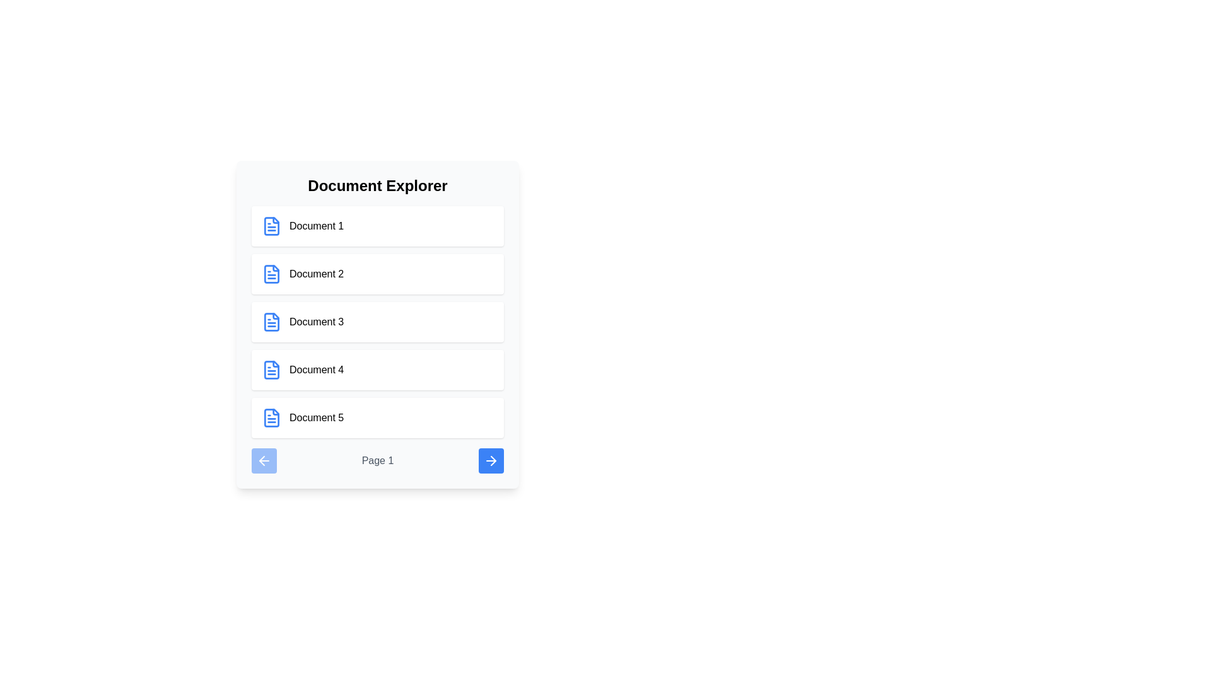 The height and width of the screenshot is (681, 1211). What do you see at coordinates (271, 369) in the screenshot?
I see `the icon representing 'Document 4'` at bounding box center [271, 369].